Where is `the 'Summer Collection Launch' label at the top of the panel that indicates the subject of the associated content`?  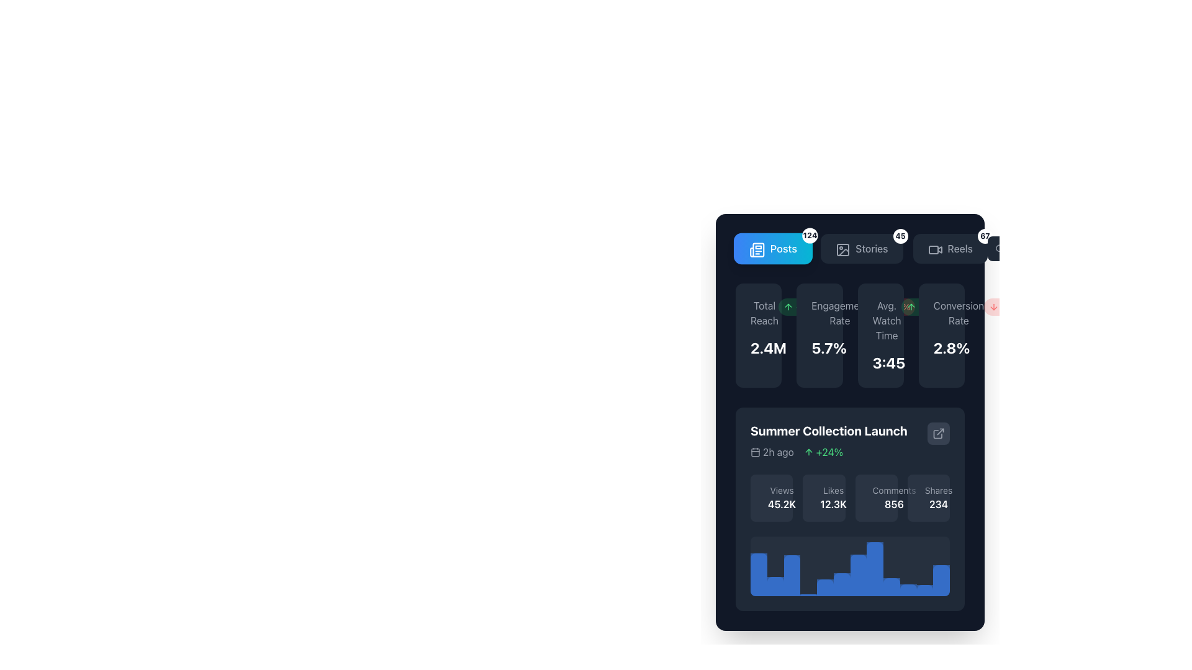 the 'Summer Collection Launch' label at the top of the panel that indicates the subject of the associated content is located at coordinates (829, 430).